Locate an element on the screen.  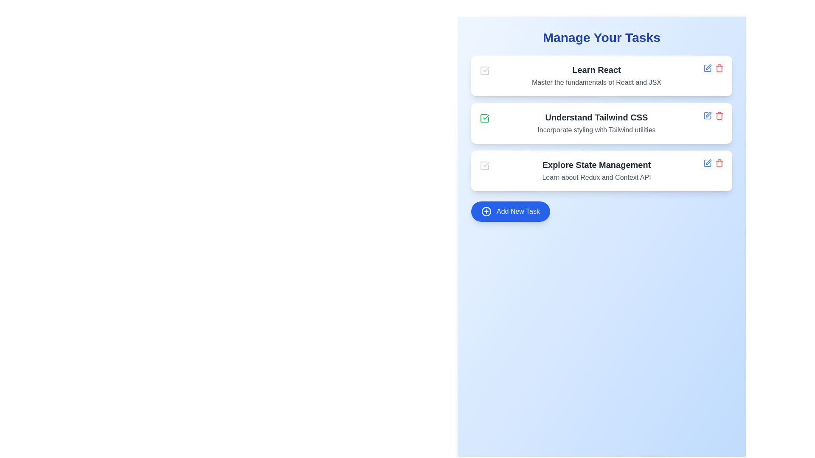
the actionable pen icon located in the top-right corner of the task item for 'Understand Tailwind CSS' is located at coordinates (708, 114).